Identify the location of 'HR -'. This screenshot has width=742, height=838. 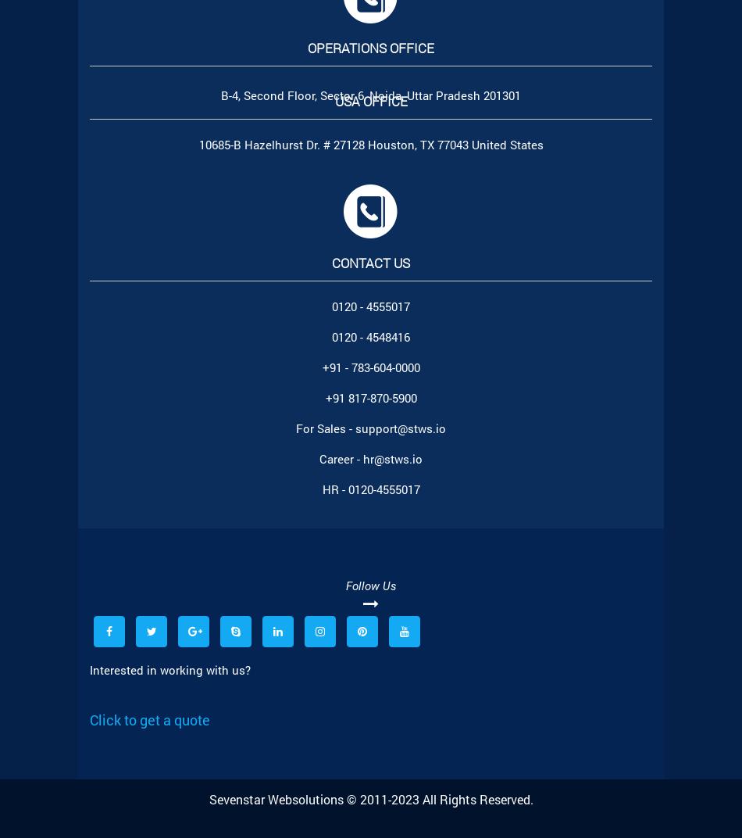
(334, 489).